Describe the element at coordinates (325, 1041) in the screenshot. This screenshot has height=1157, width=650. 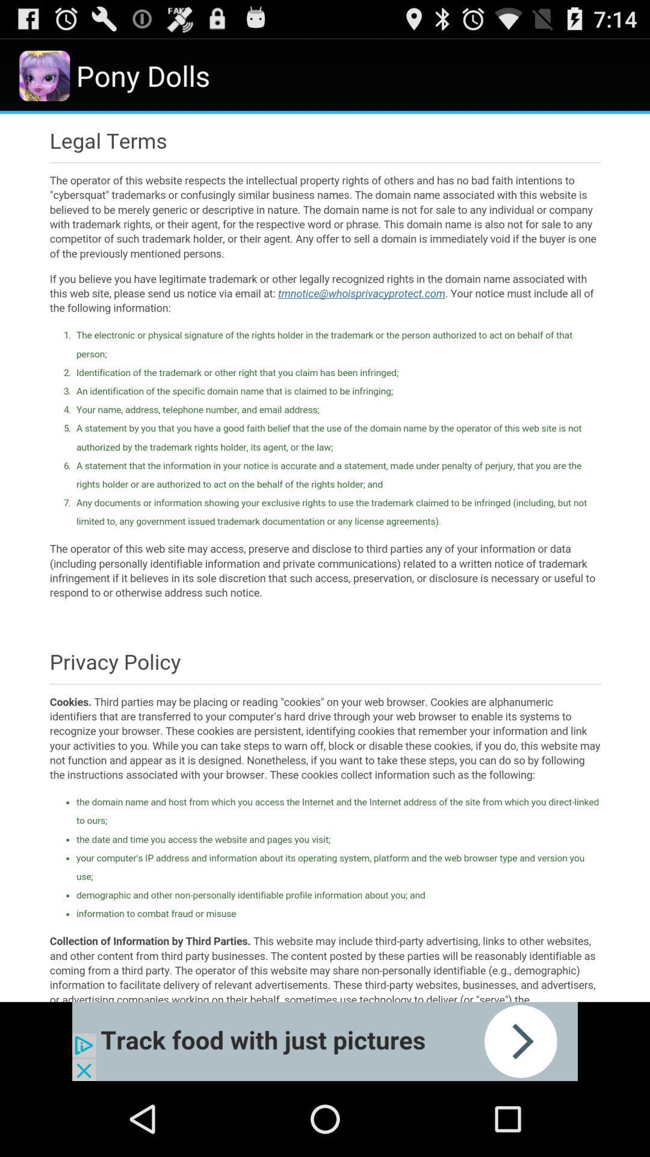
I see `advertisement image or track food` at that location.